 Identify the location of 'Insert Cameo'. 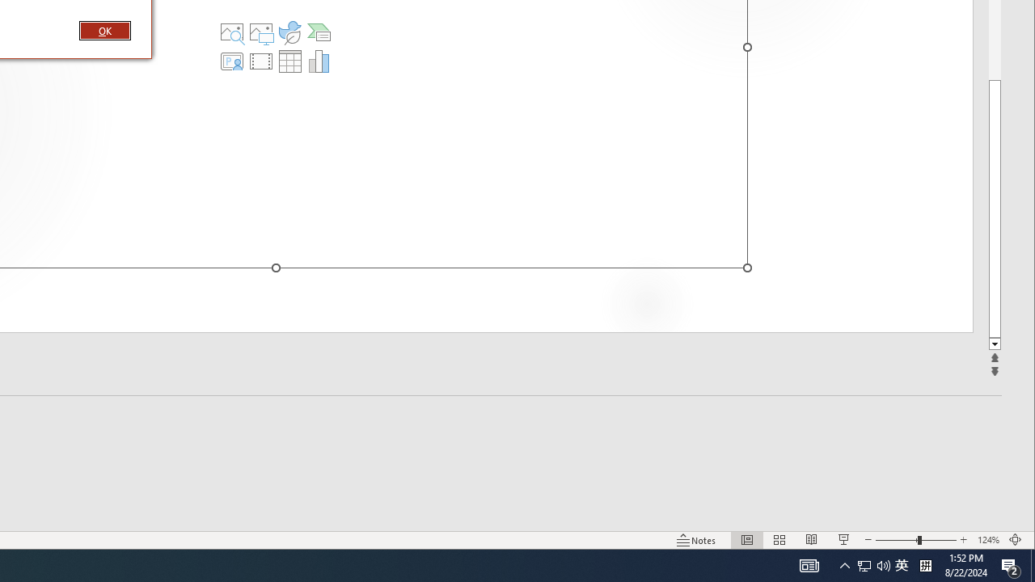
(231, 60).